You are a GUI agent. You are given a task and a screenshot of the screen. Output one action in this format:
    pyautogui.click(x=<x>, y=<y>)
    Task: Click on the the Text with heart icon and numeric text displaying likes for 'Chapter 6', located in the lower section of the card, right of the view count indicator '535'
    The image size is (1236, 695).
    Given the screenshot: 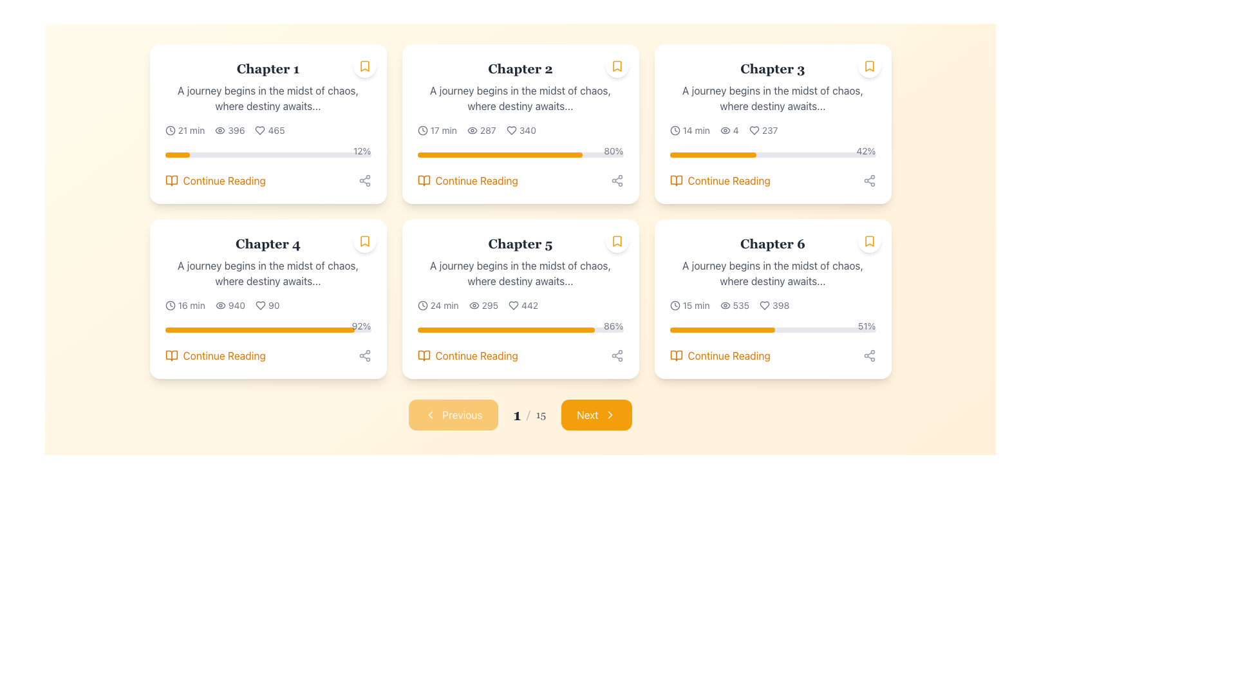 What is the action you would take?
    pyautogui.click(x=774, y=305)
    